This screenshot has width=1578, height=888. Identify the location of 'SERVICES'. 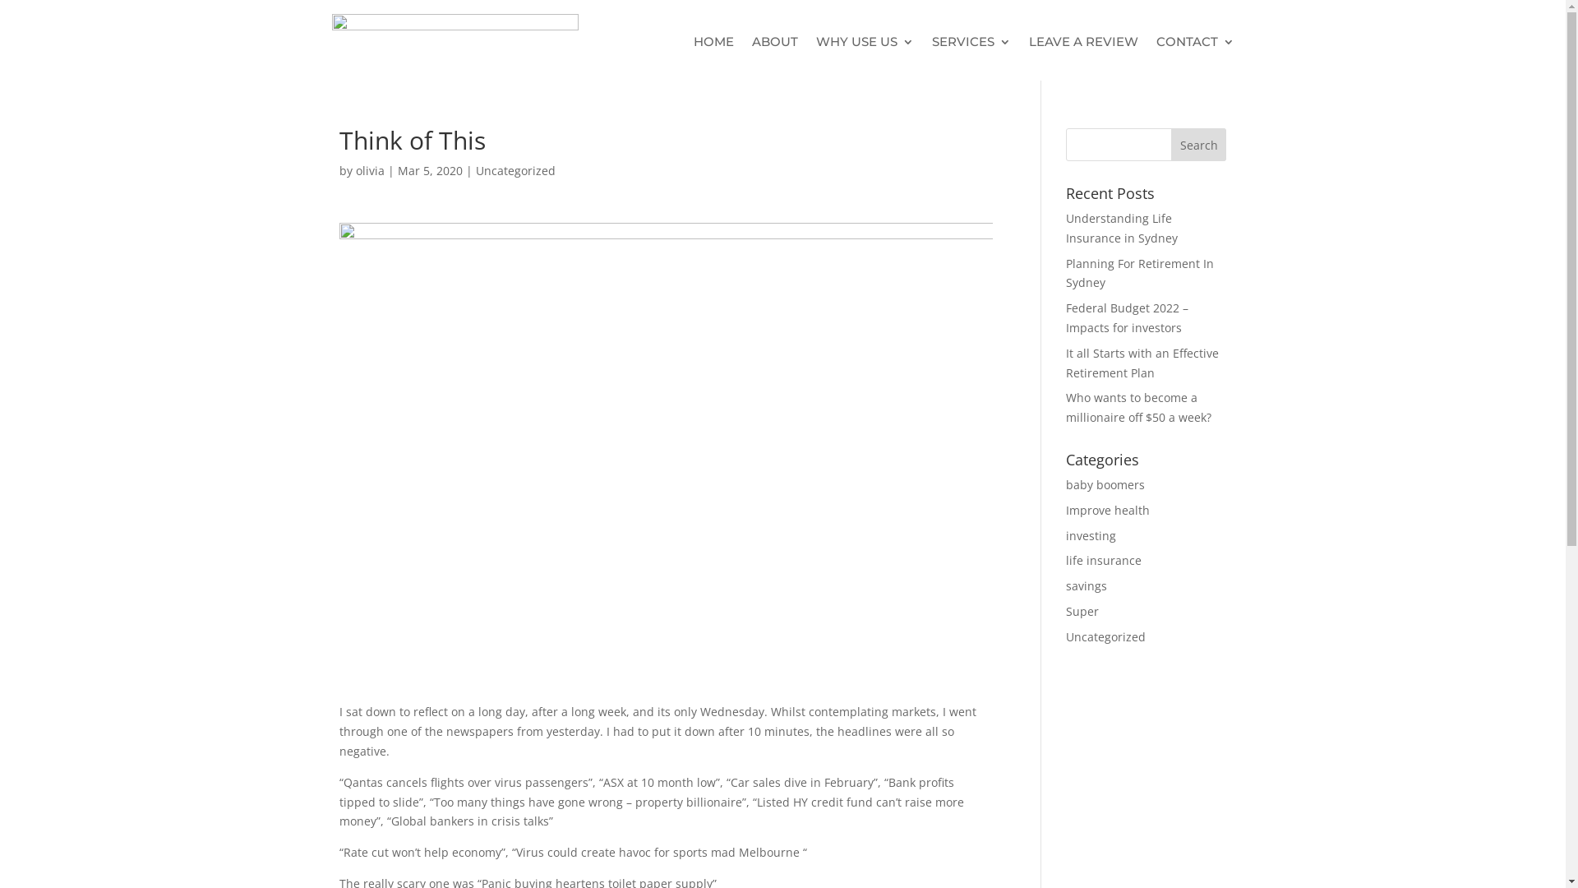
(971, 40).